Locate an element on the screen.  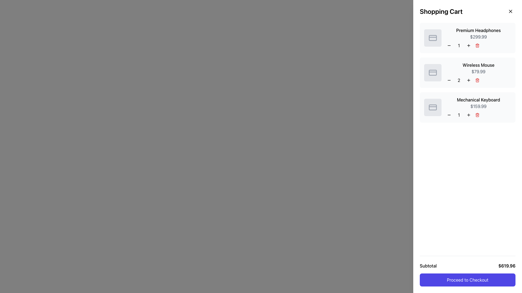
the 'Wireless Mouse' title text label in the shopping cart interface, which is located in the second item entry above the price and below the thumbnail image is located at coordinates (478, 65).